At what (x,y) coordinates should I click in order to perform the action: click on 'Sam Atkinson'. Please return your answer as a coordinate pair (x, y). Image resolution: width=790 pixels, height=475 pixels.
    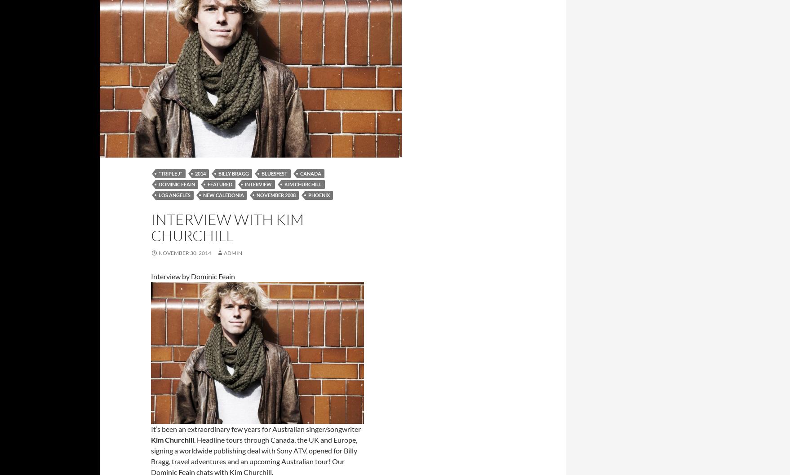
    Looking at the image, I should click on (177, 205).